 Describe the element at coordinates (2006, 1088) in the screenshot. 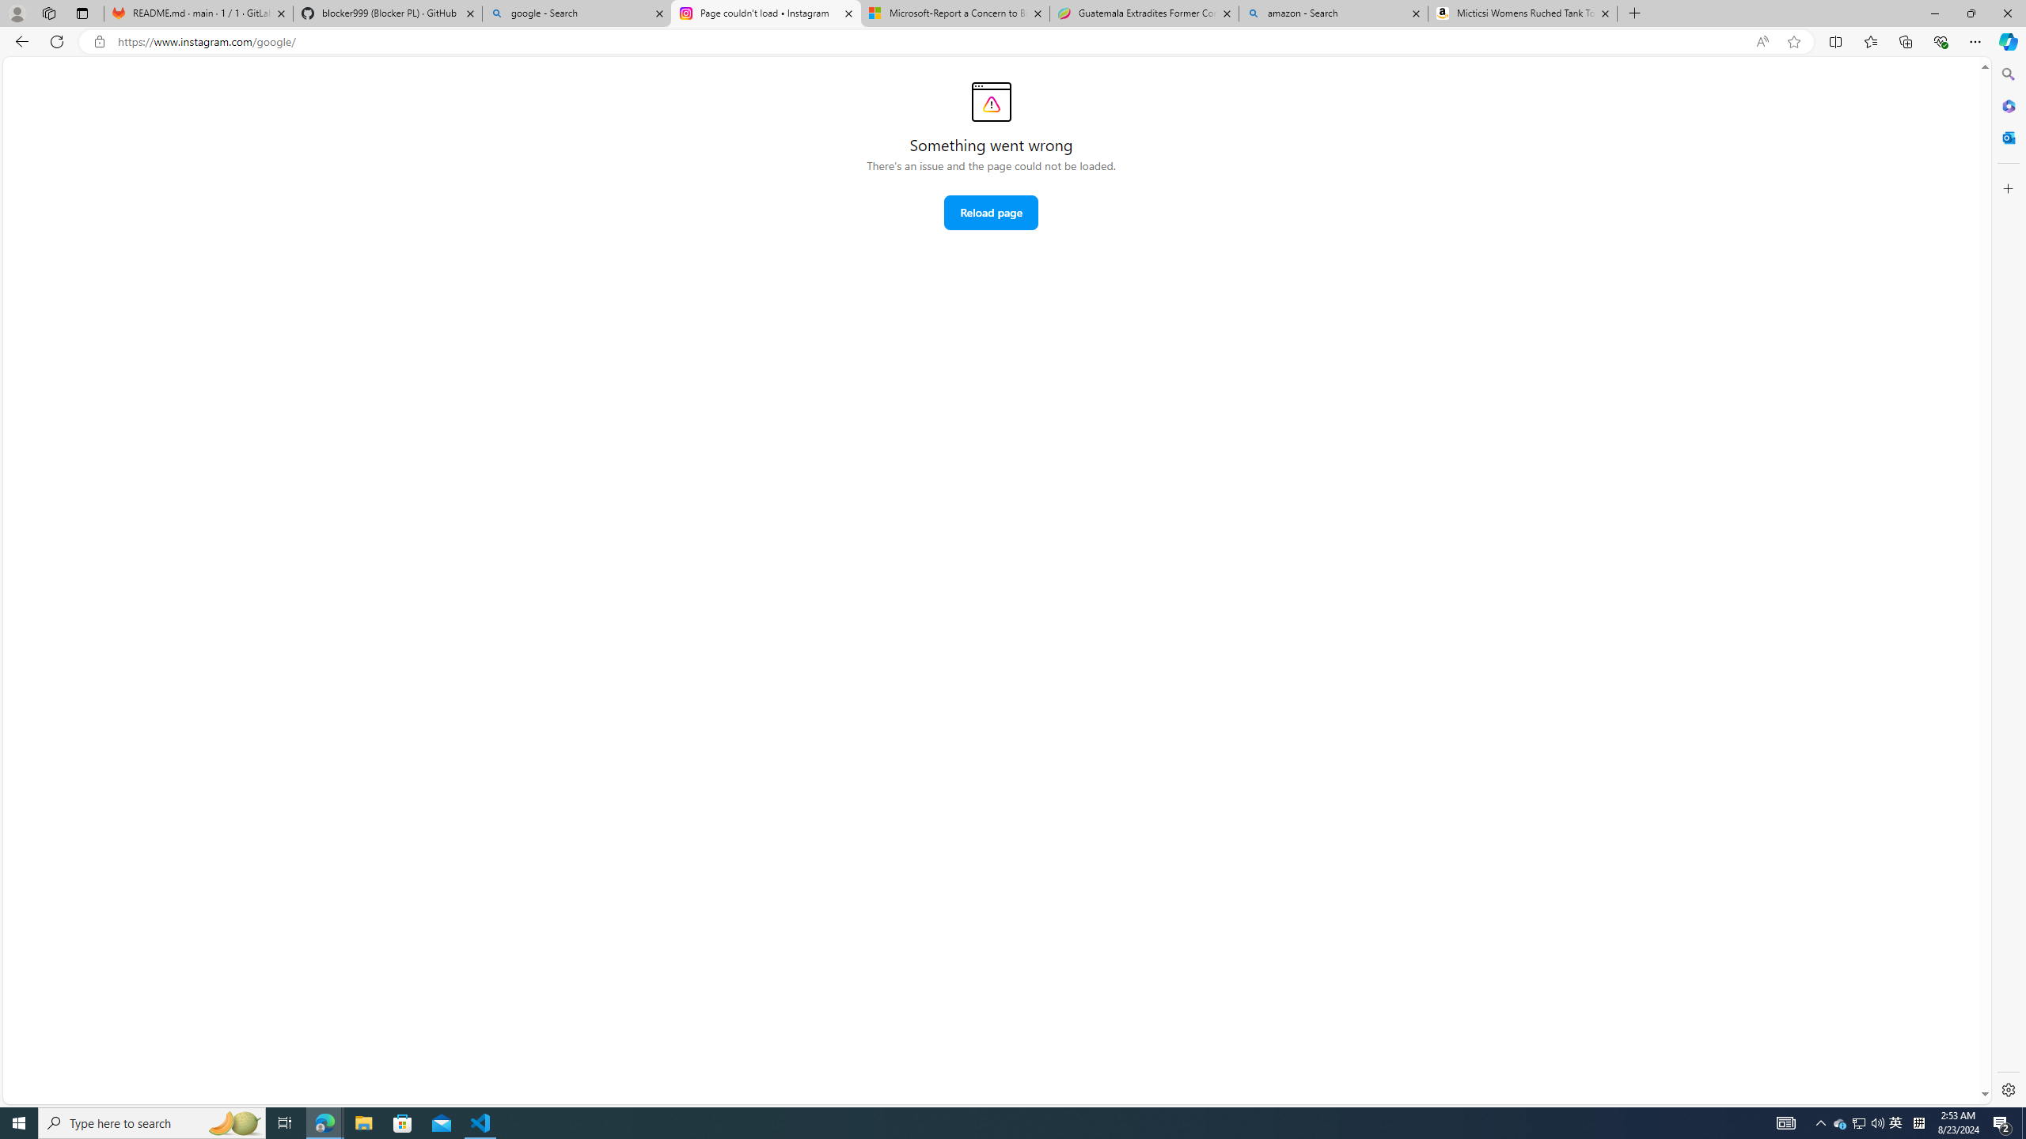

I see `'Settings'` at that location.